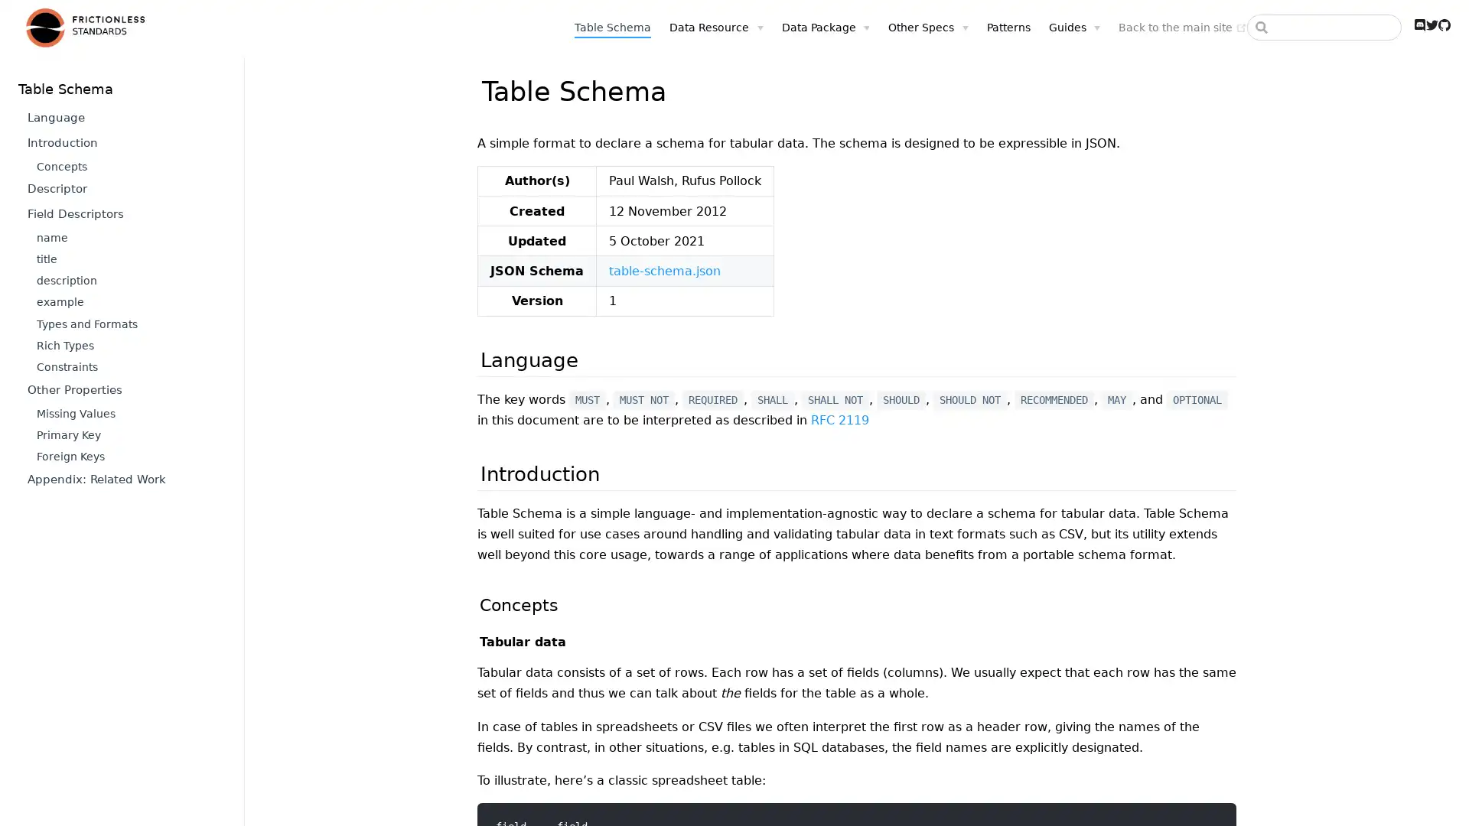  Describe the element at coordinates (927, 27) in the screenshot. I see `Other Specs` at that location.